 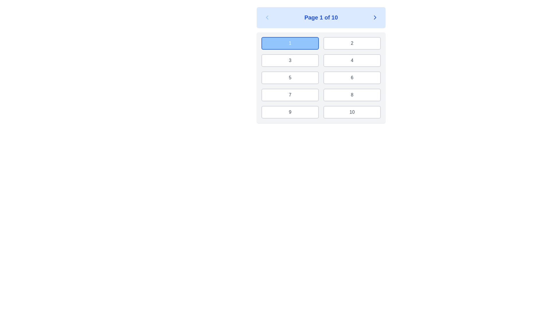 What do you see at coordinates (352, 61) in the screenshot?
I see `the button located in the second column of the second row of a grid layout` at bounding box center [352, 61].